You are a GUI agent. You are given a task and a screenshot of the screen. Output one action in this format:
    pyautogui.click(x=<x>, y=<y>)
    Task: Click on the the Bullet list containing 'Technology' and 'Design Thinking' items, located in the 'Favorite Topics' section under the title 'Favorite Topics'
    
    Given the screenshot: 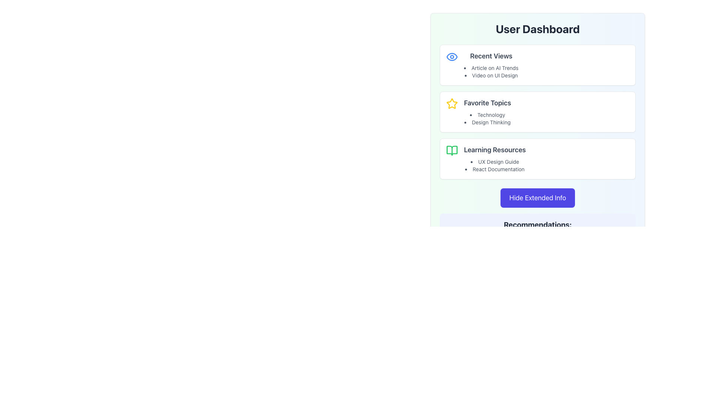 What is the action you would take?
    pyautogui.click(x=487, y=118)
    